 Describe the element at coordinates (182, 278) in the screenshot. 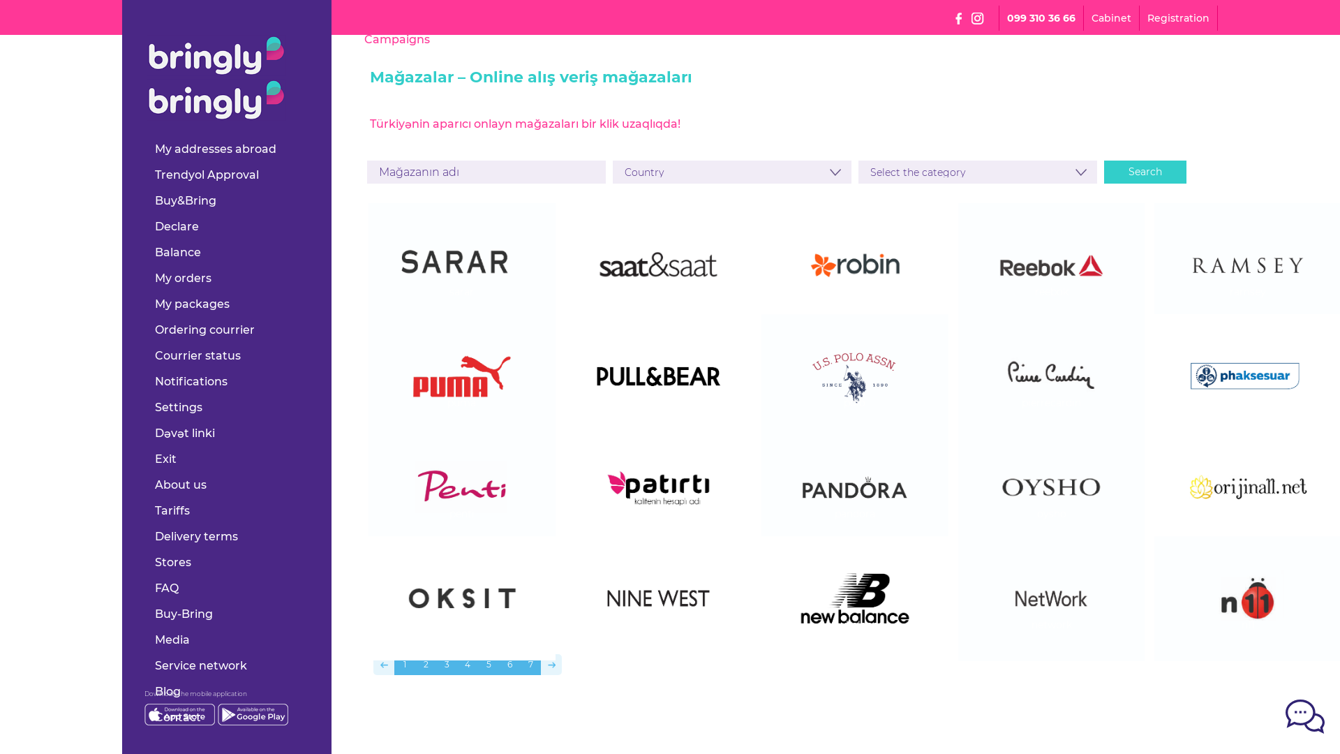

I see `'My orders'` at that location.